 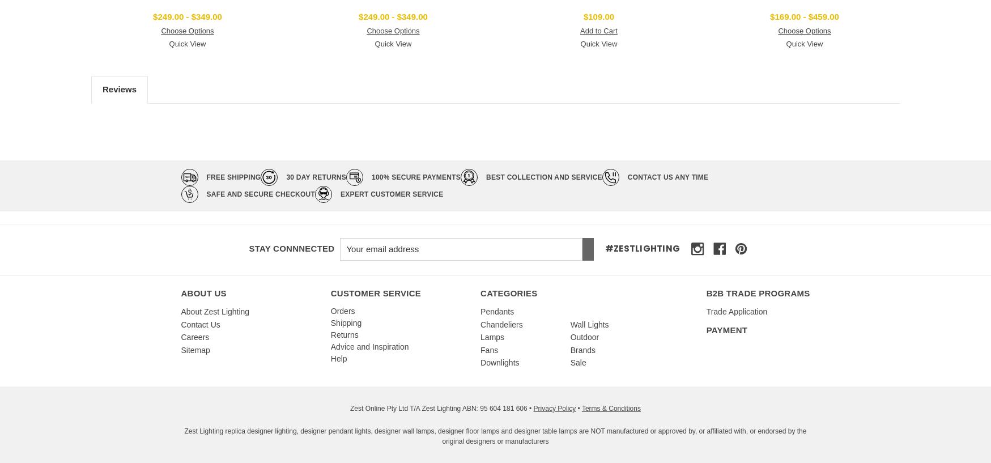 What do you see at coordinates (180, 337) in the screenshot?
I see `'Careers'` at bounding box center [180, 337].